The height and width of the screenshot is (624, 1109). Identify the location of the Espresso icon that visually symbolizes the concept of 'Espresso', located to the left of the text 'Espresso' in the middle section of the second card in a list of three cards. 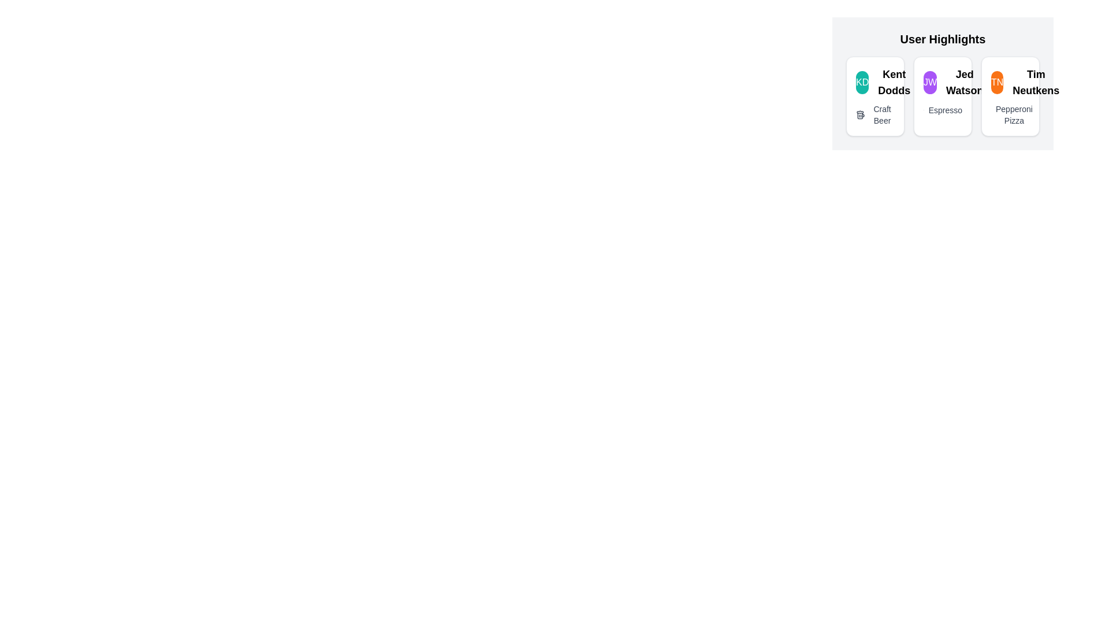
(923, 110).